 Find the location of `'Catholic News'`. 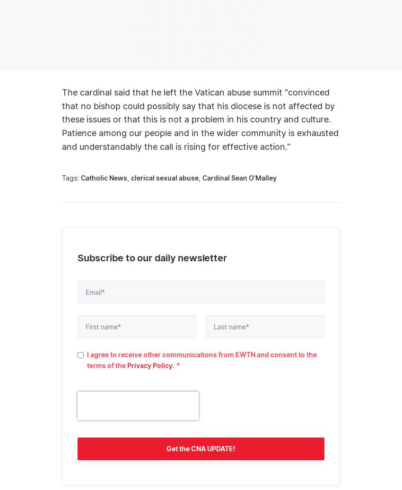

'Catholic News' is located at coordinates (80, 177).